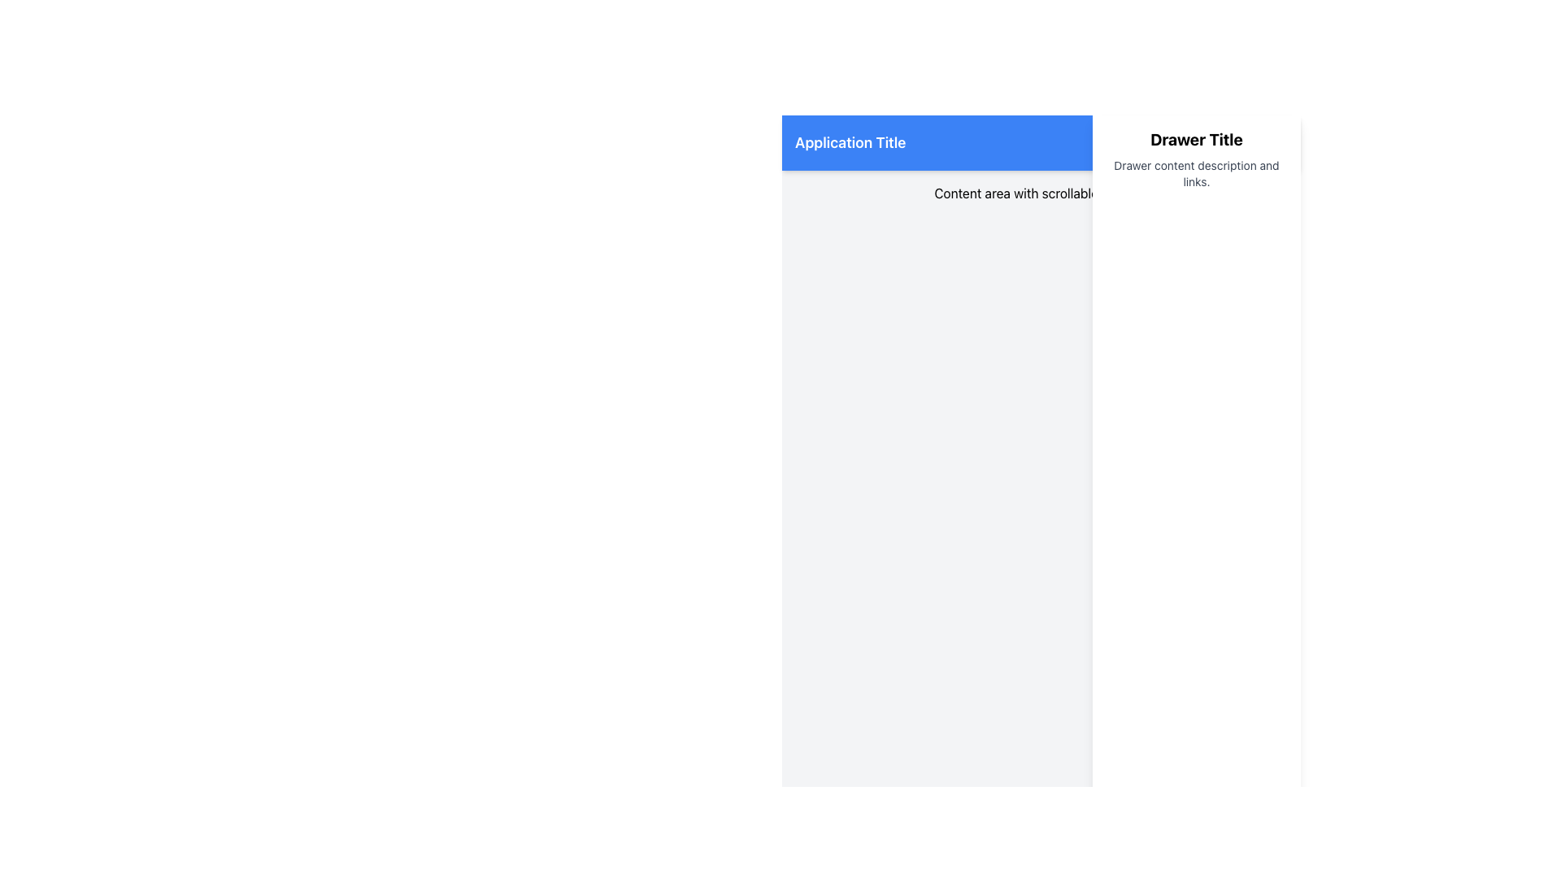 Image resolution: width=1561 pixels, height=878 pixels. What do you see at coordinates (1197, 139) in the screenshot?
I see `text of the Text Label located at the top center of the right sidebar, which indicates the primary purpose of the sidebar content` at bounding box center [1197, 139].